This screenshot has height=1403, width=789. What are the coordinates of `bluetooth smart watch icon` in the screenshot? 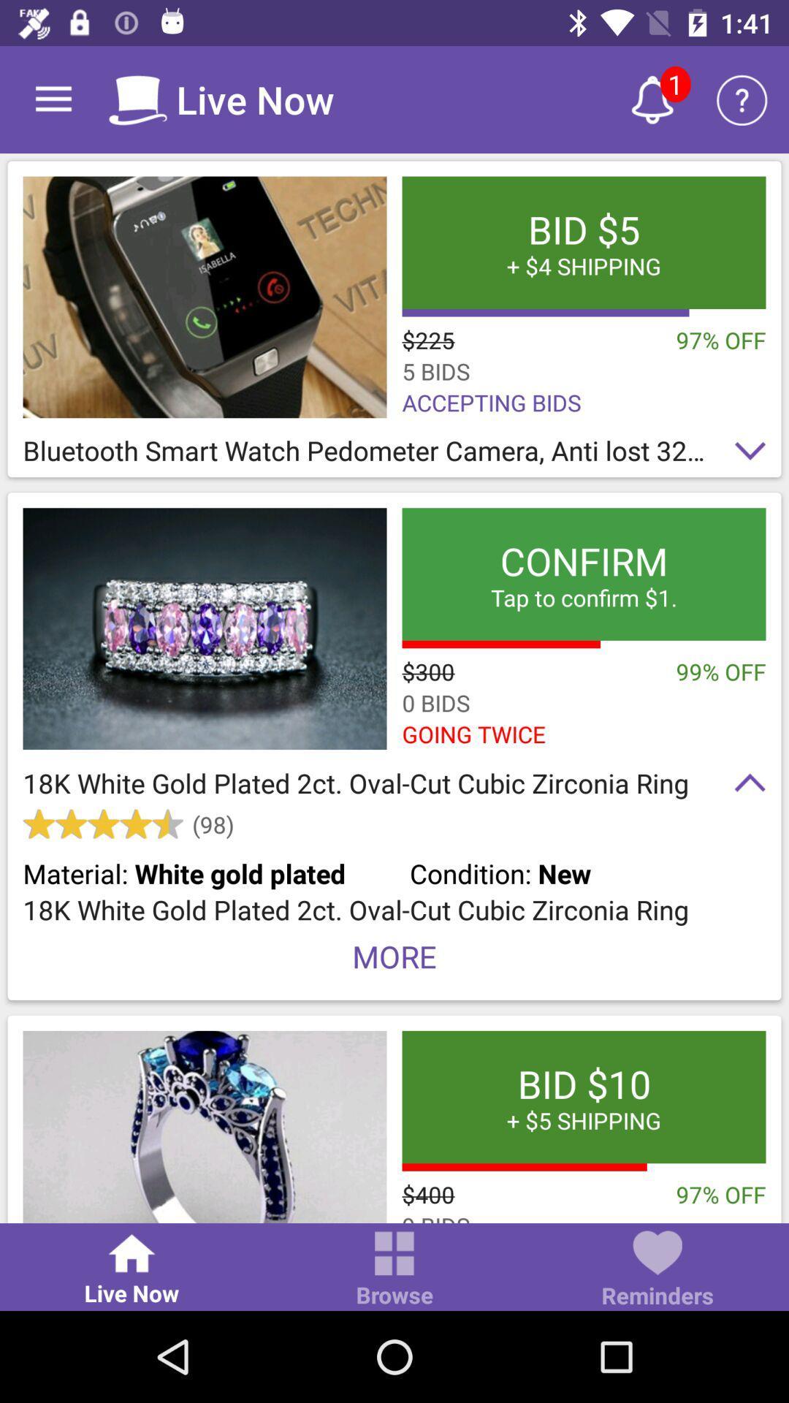 It's located at (394, 455).